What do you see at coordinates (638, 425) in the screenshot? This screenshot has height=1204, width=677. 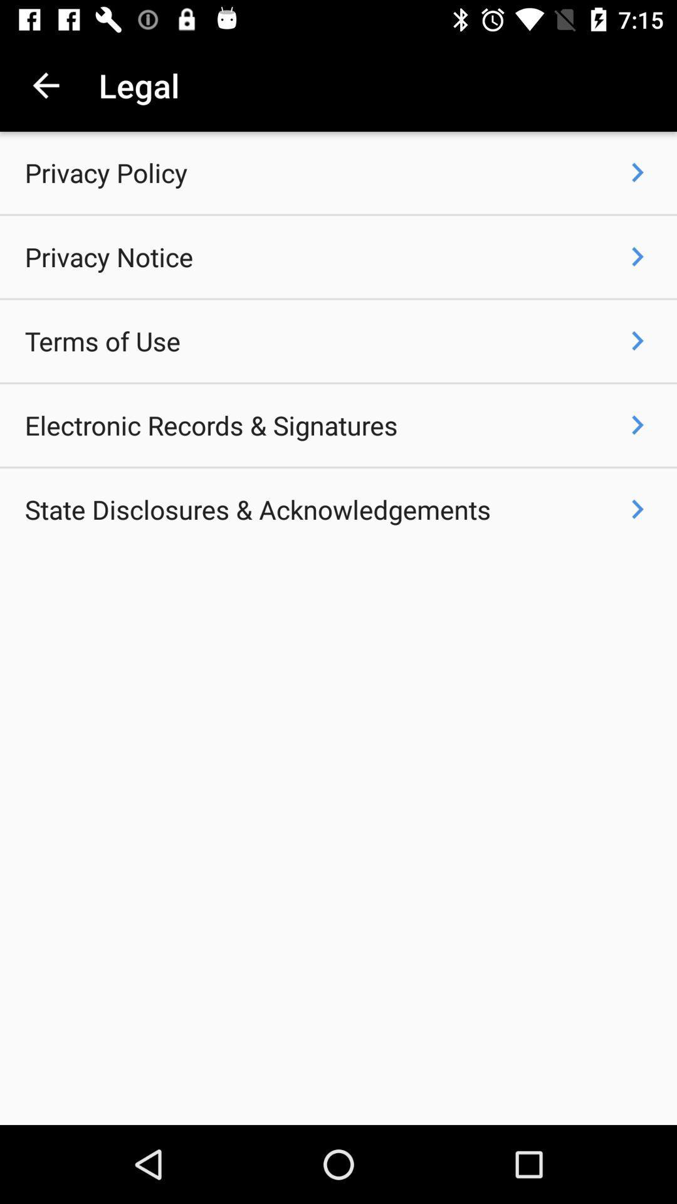 I see `icon to the right of electronic records & signatures` at bounding box center [638, 425].